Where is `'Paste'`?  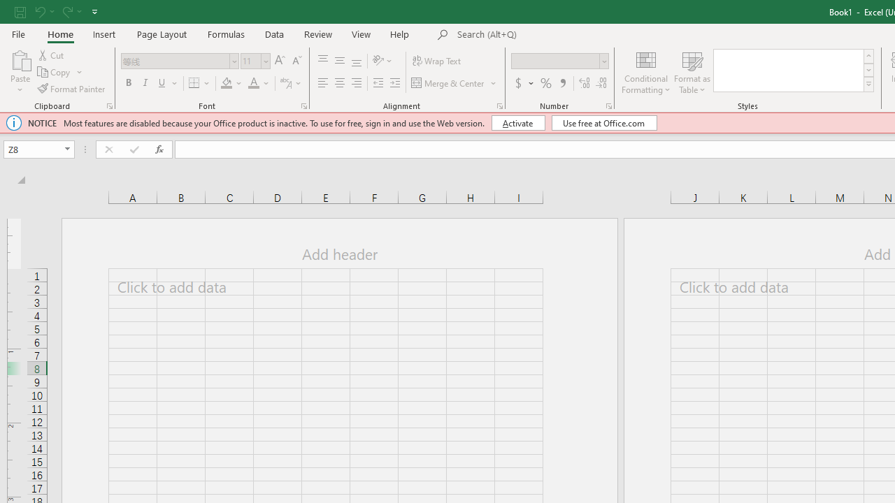 'Paste' is located at coordinates (20, 72).